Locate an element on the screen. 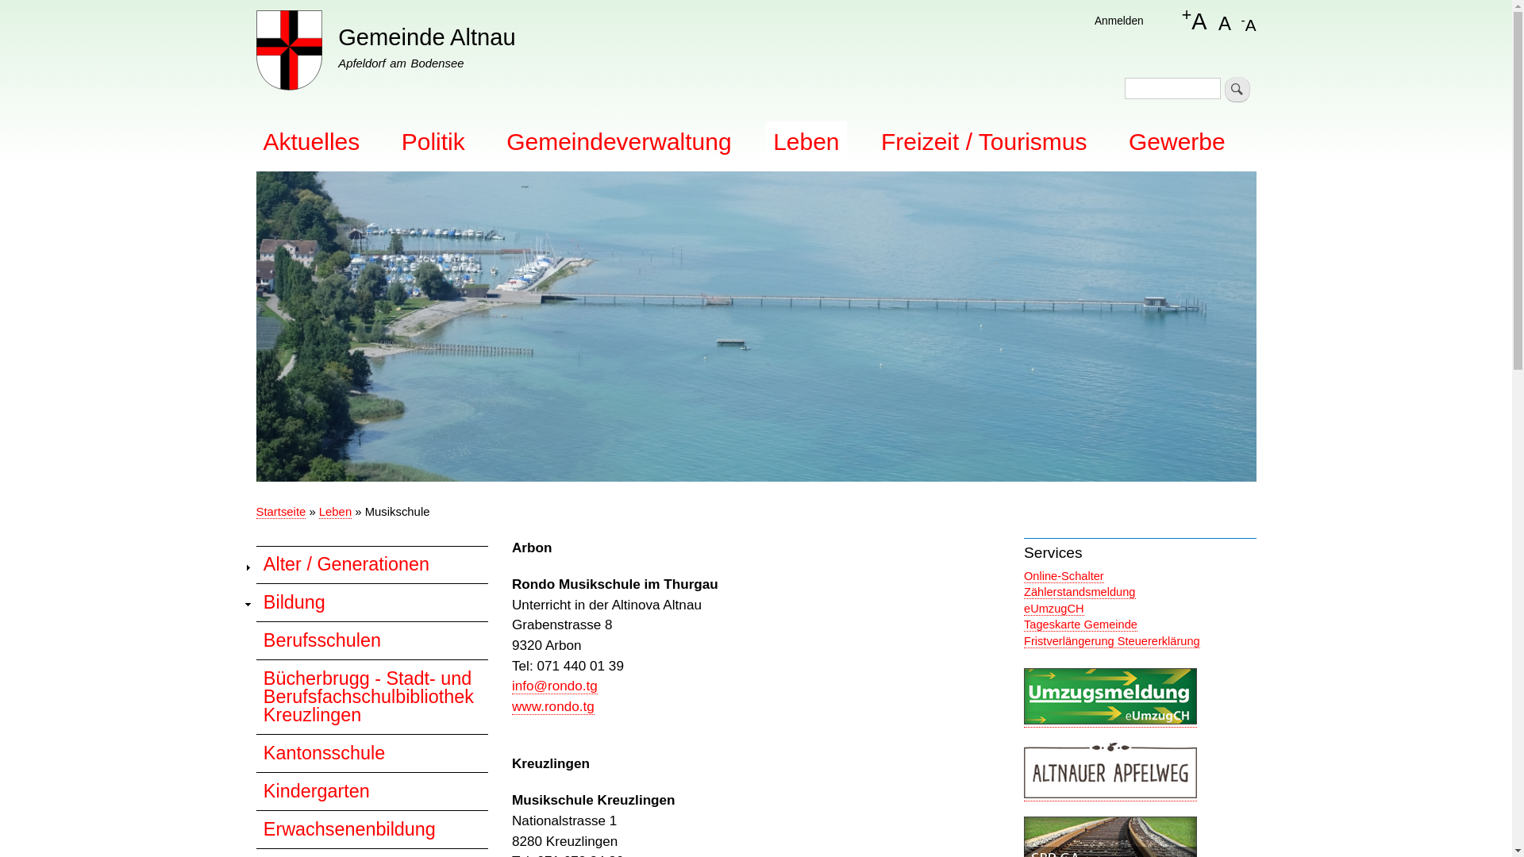 This screenshot has width=1524, height=857. 'Die Begriffe eingeben, nach denen gesucht werden soll.' is located at coordinates (1172, 88).